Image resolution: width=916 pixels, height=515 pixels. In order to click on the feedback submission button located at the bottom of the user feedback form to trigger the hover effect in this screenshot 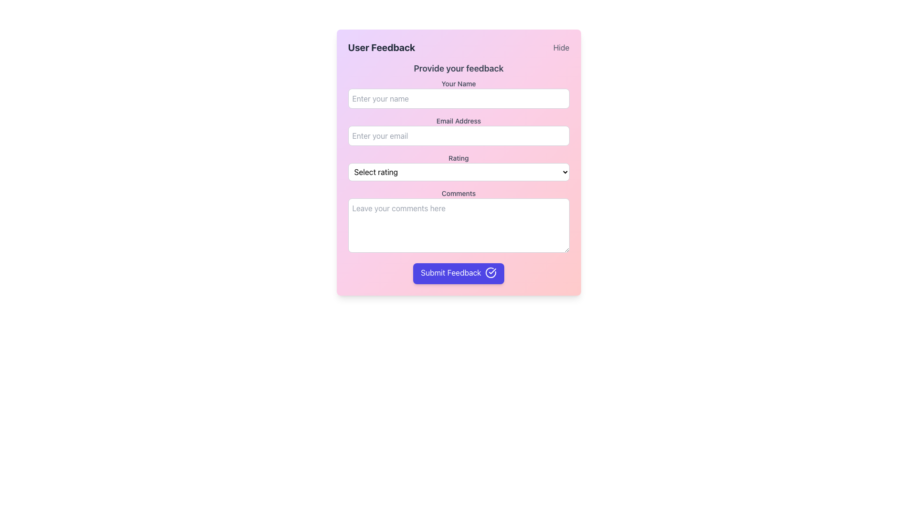, I will do `click(458, 274)`.